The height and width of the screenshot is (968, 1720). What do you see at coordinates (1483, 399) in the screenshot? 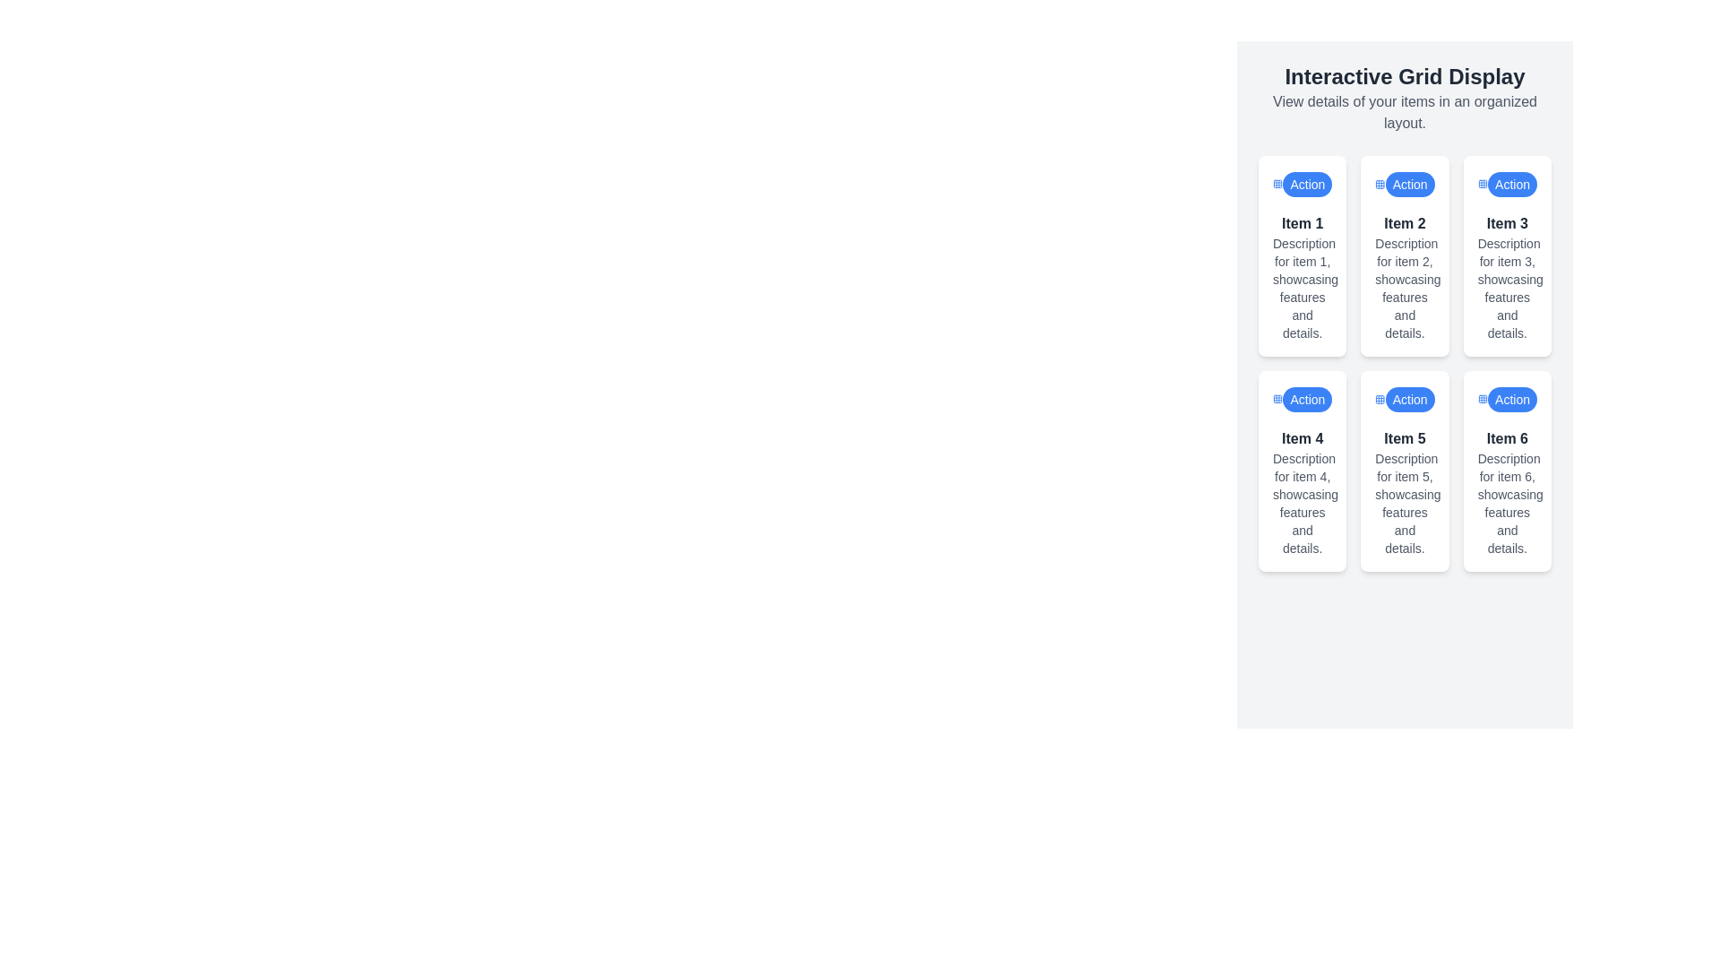
I see `the icon located in the rightmost card of the bottom row of the grid layout, adjacent to the 'Action' button, for potential interaction` at bounding box center [1483, 399].